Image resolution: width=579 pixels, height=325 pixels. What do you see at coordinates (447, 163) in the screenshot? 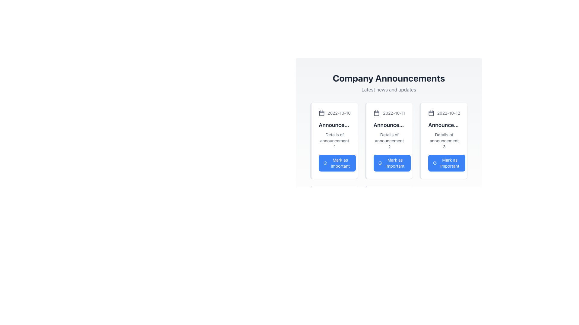
I see `the importance button located at the bottom of 'Announcement 3' card` at bounding box center [447, 163].